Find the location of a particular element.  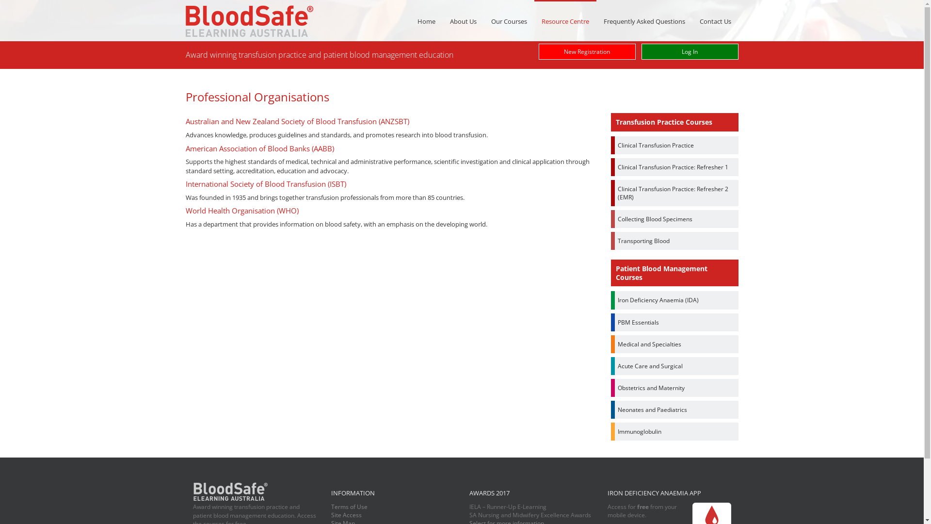

'Log In' is located at coordinates (689, 51).